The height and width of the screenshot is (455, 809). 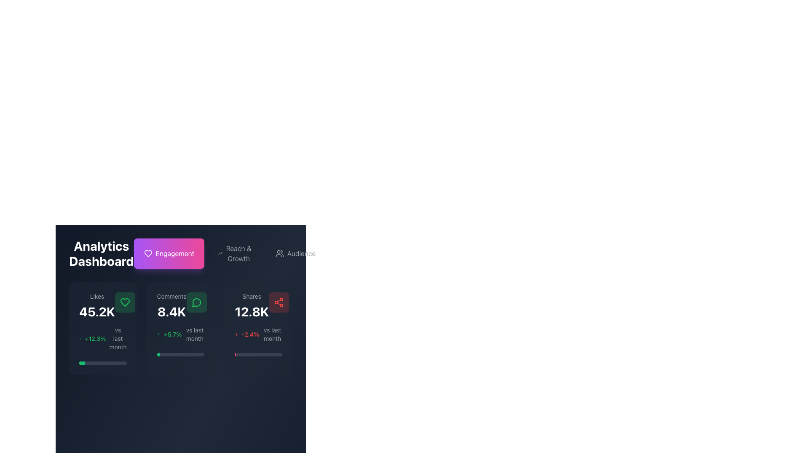 What do you see at coordinates (124, 302) in the screenshot?
I see `the green heart icon located in the 'Likes' panel, which is positioned to the upper right of the text '45.2K'` at bounding box center [124, 302].